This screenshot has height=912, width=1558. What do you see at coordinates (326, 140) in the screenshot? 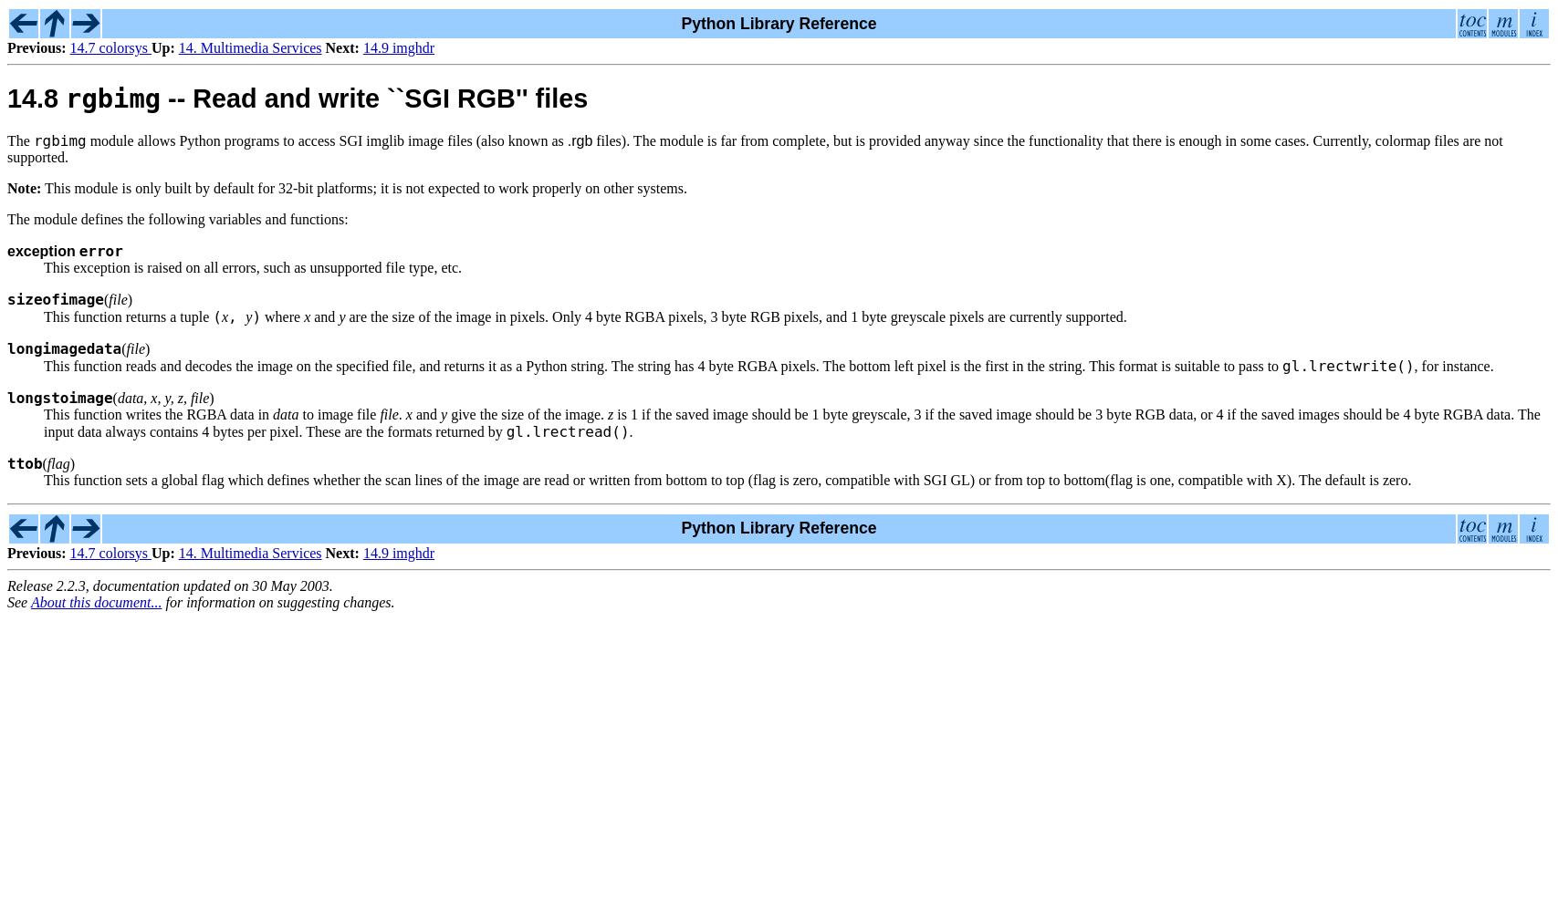
I see `'module allows Python programs to access SGI imglib image
files (also known as'` at bounding box center [326, 140].